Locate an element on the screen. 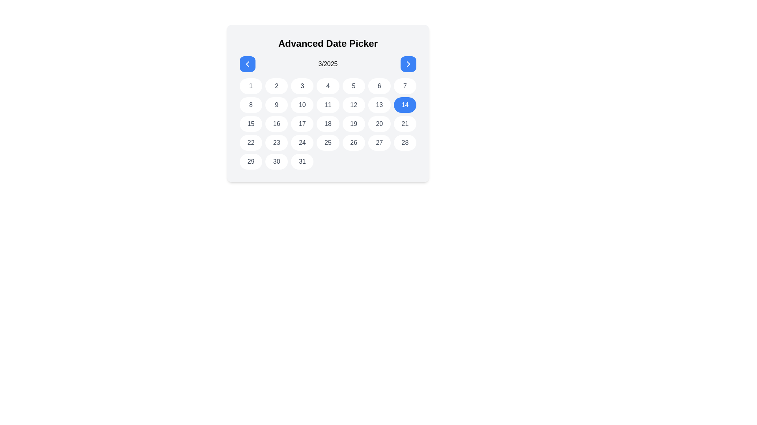  the button that allows the user to select the date '18' in the calendar interface is located at coordinates (328, 124).